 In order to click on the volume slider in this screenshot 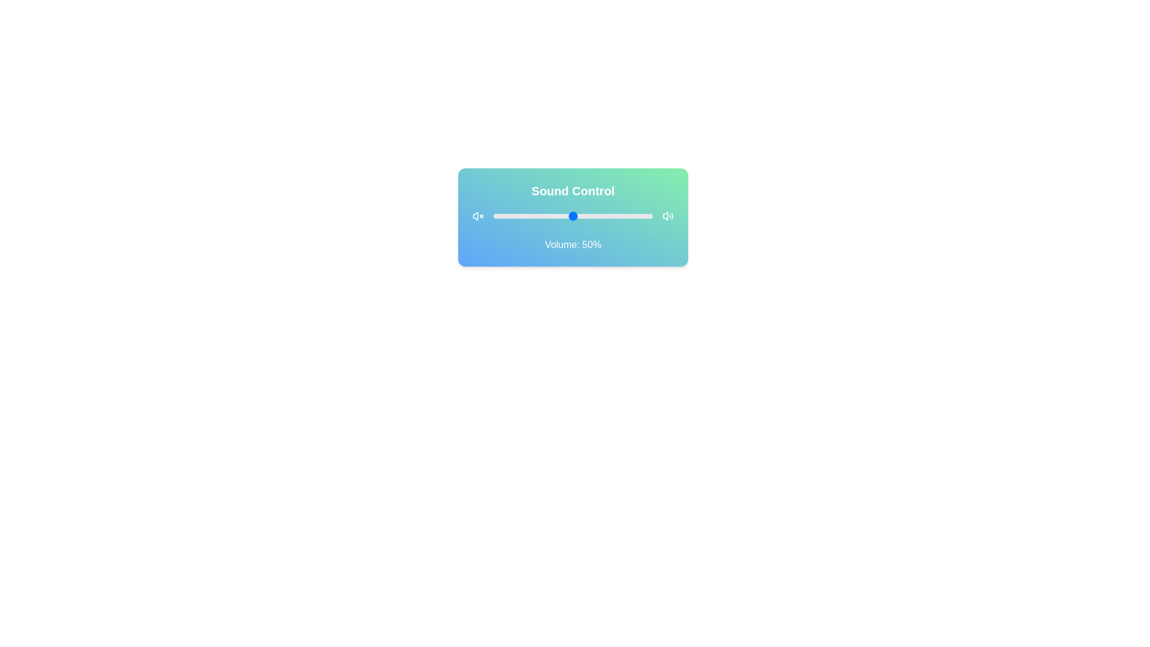, I will do `click(583, 216)`.